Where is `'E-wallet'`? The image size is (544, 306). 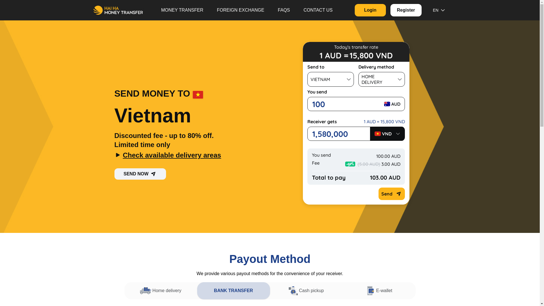
'E-wallet' is located at coordinates (379, 291).